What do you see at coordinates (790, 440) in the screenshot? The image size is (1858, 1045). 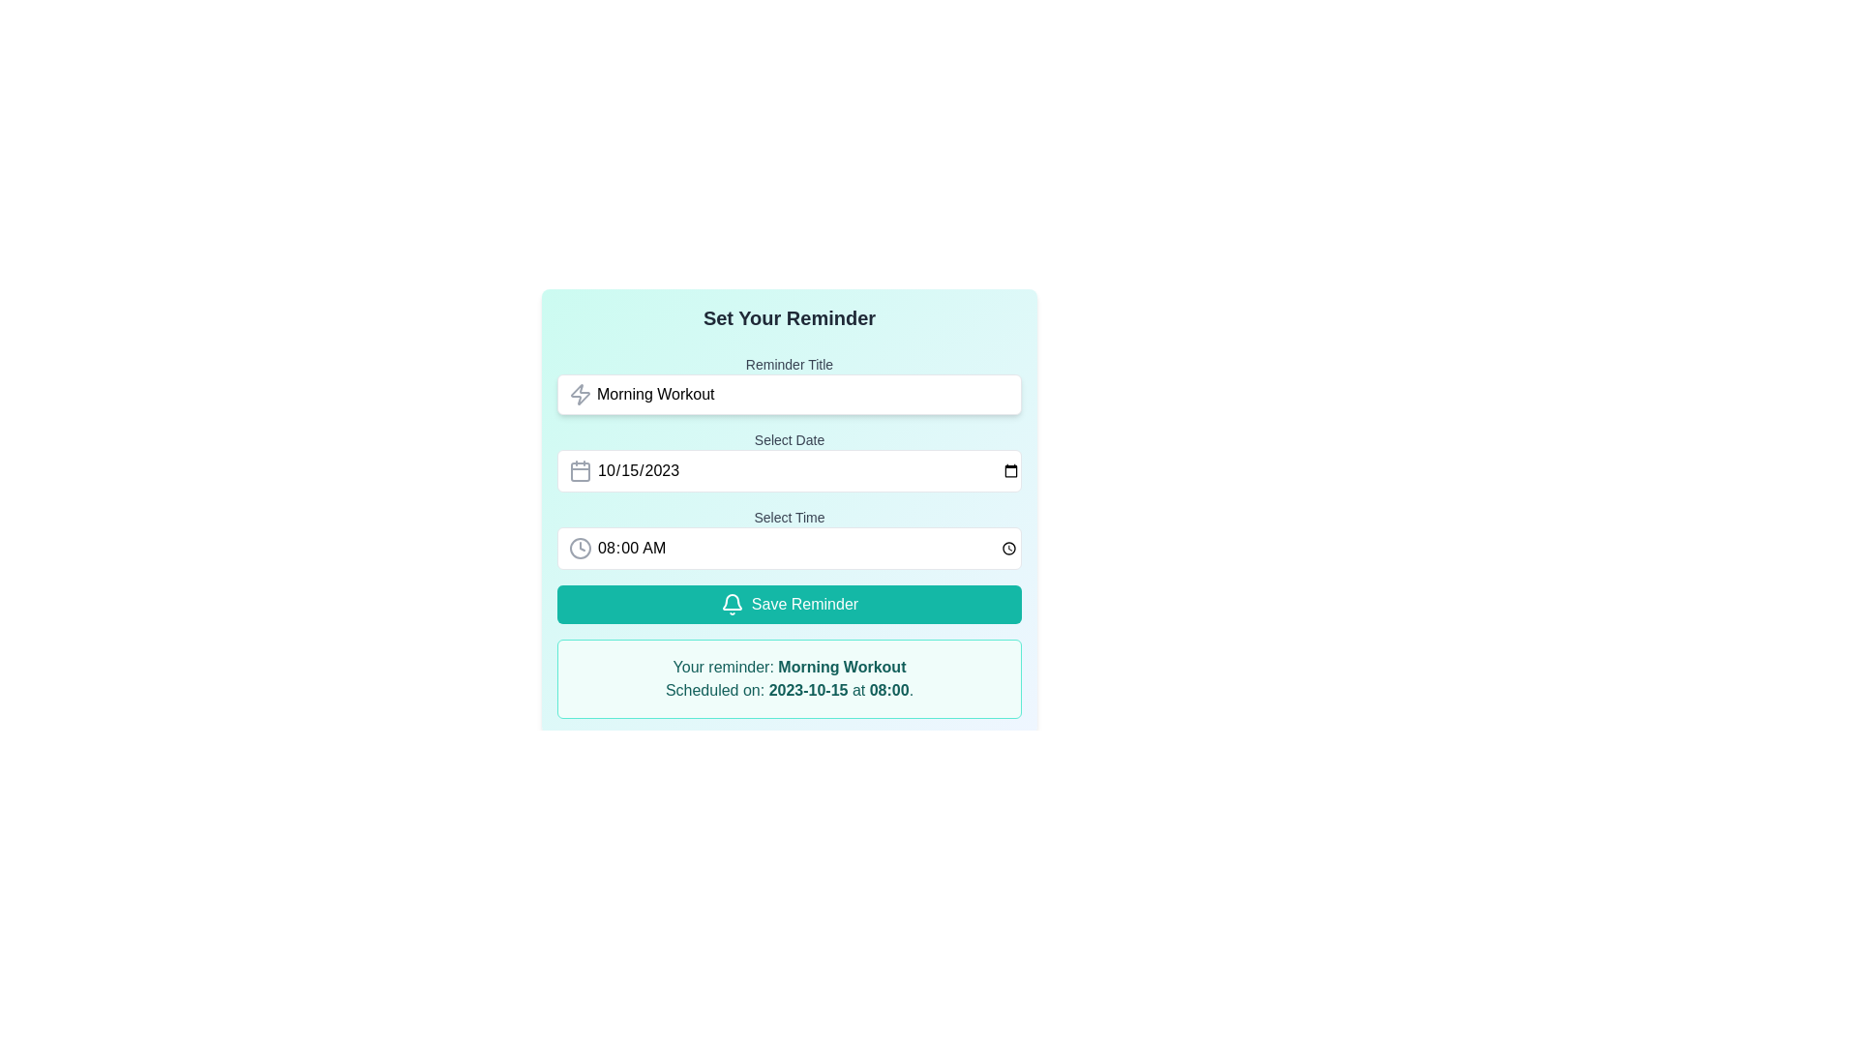 I see `the 'Select Date' text label that provides context for the date input field, located centered above the field` at bounding box center [790, 440].